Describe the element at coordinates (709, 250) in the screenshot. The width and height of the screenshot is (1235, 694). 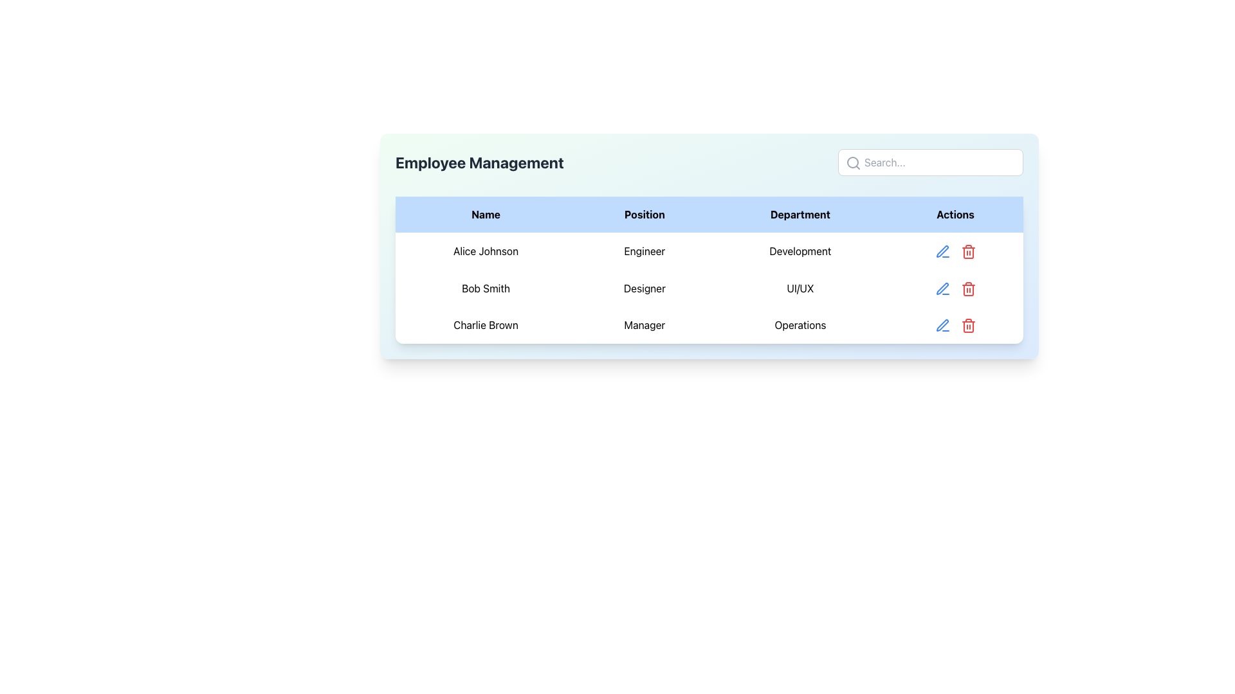
I see `the first row in the table that contains details about 'Alice Johnson'` at that location.